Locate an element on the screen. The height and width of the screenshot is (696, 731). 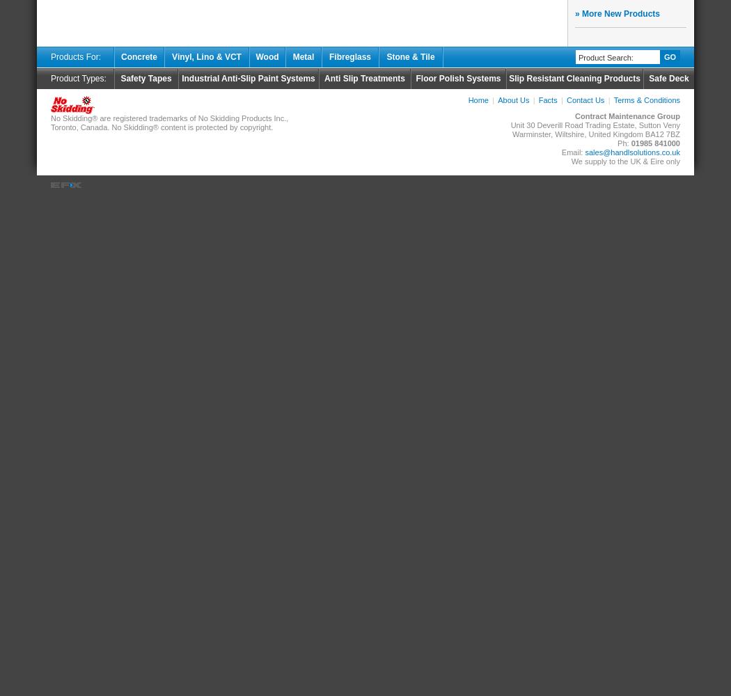
'Stone 
            & Tile' is located at coordinates (409, 56).